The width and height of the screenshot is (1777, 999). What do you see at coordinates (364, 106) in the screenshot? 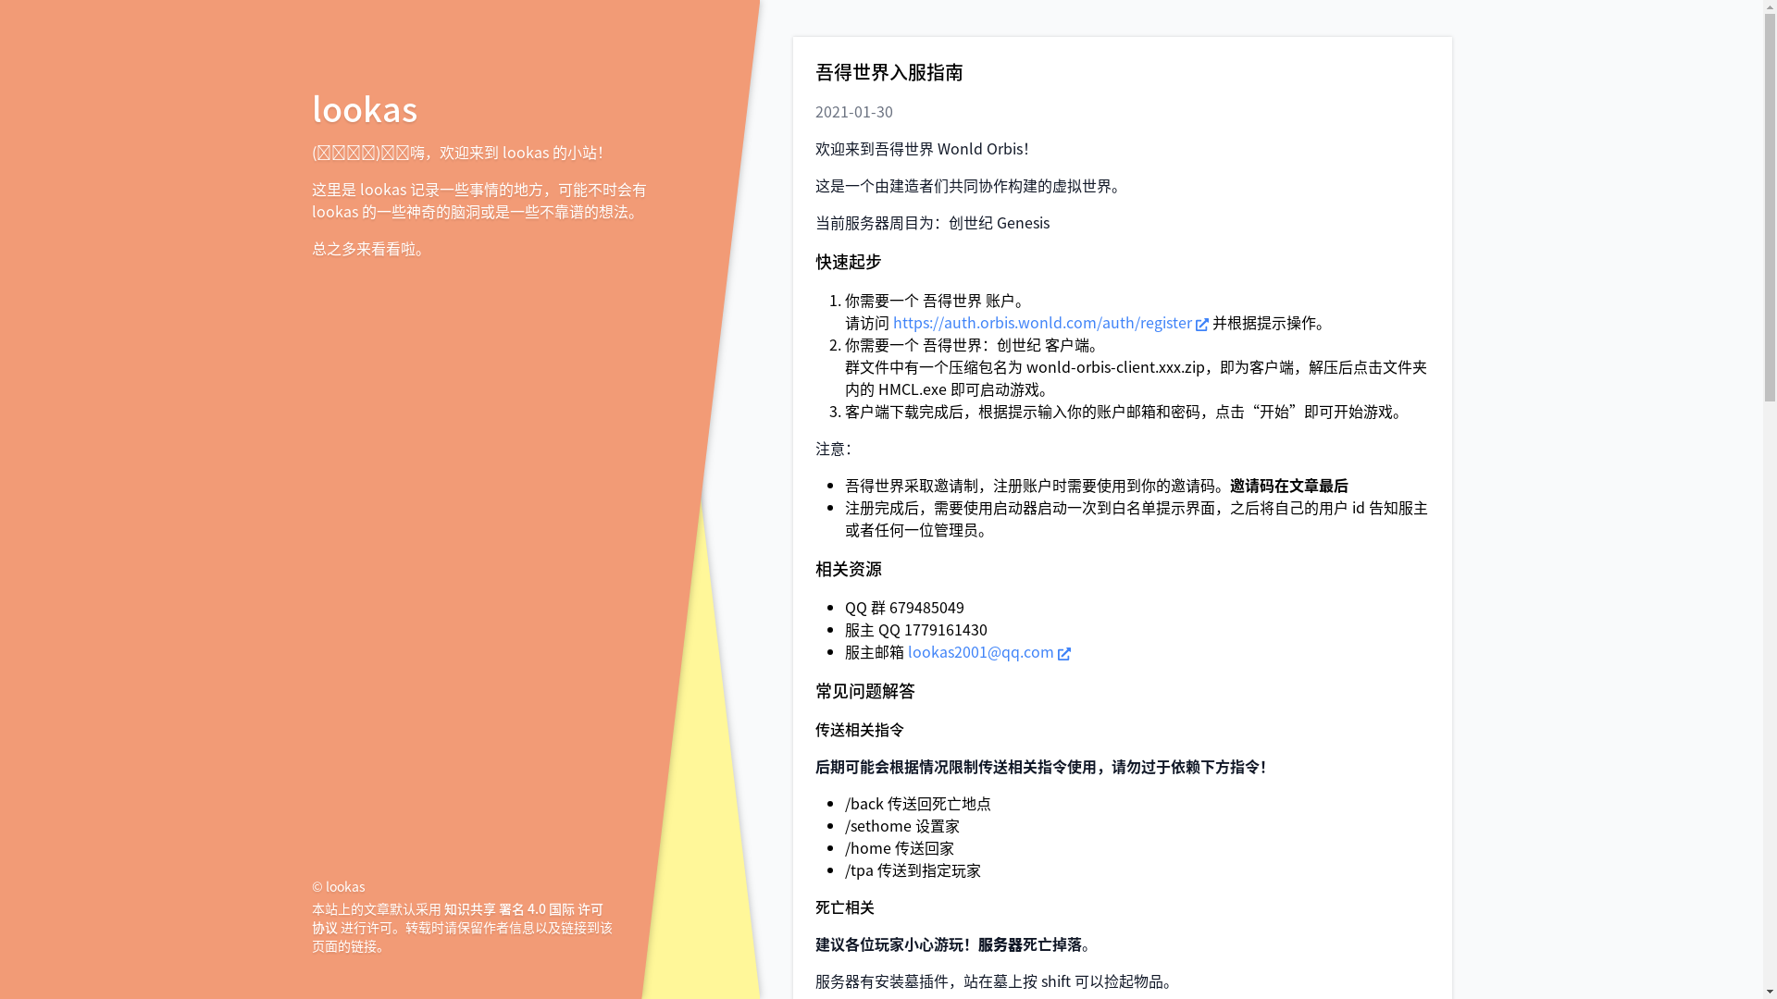
I see `'lookas'` at bounding box center [364, 106].